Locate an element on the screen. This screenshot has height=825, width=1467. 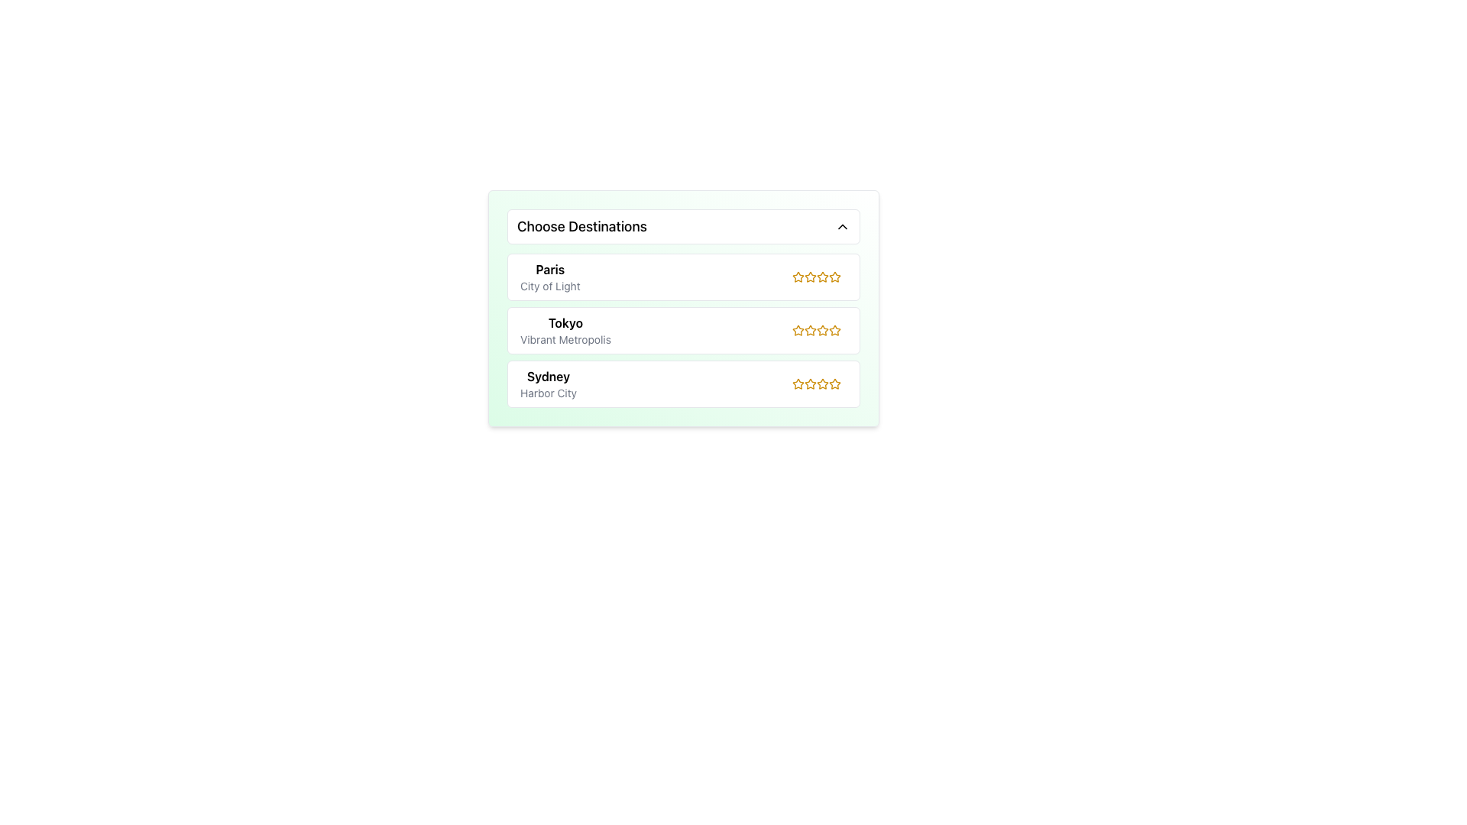
the third star icon with a yellow outline to rate 'Paris - City of Light' is located at coordinates (809, 277).